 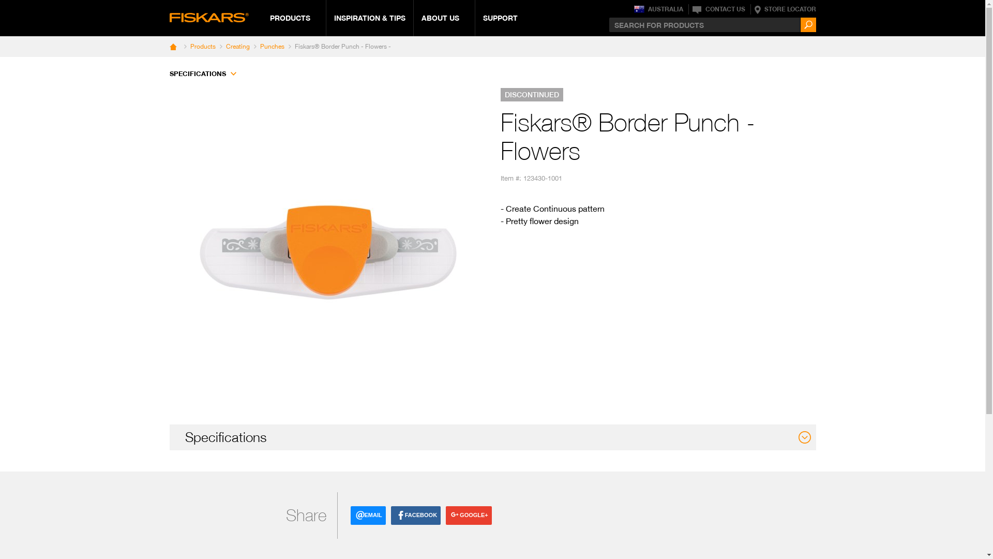 I want to click on 'Products', so click(x=202, y=46).